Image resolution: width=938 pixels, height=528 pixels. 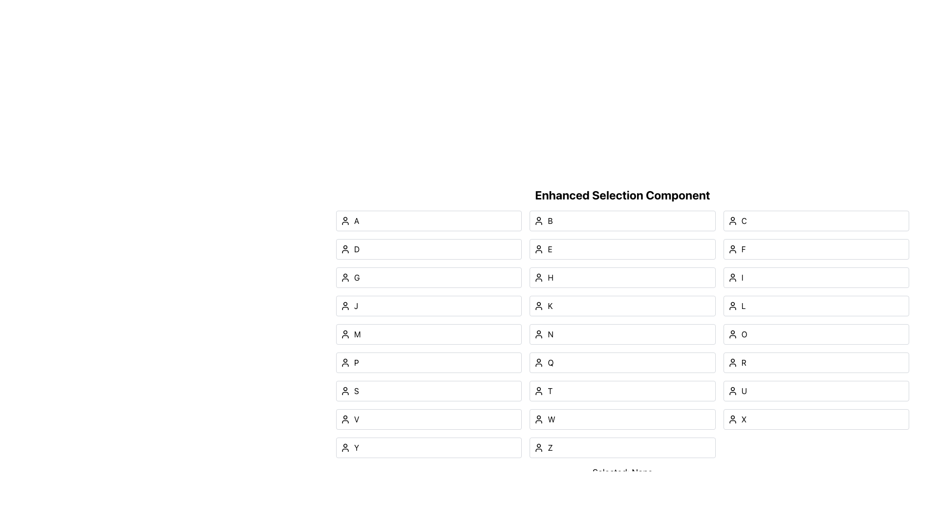 I want to click on the user icon located in the bottom-right corner of the third column, which is a simple line style icon with a circular head and semi-circular body, next to the letter 'X', so click(x=732, y=418).